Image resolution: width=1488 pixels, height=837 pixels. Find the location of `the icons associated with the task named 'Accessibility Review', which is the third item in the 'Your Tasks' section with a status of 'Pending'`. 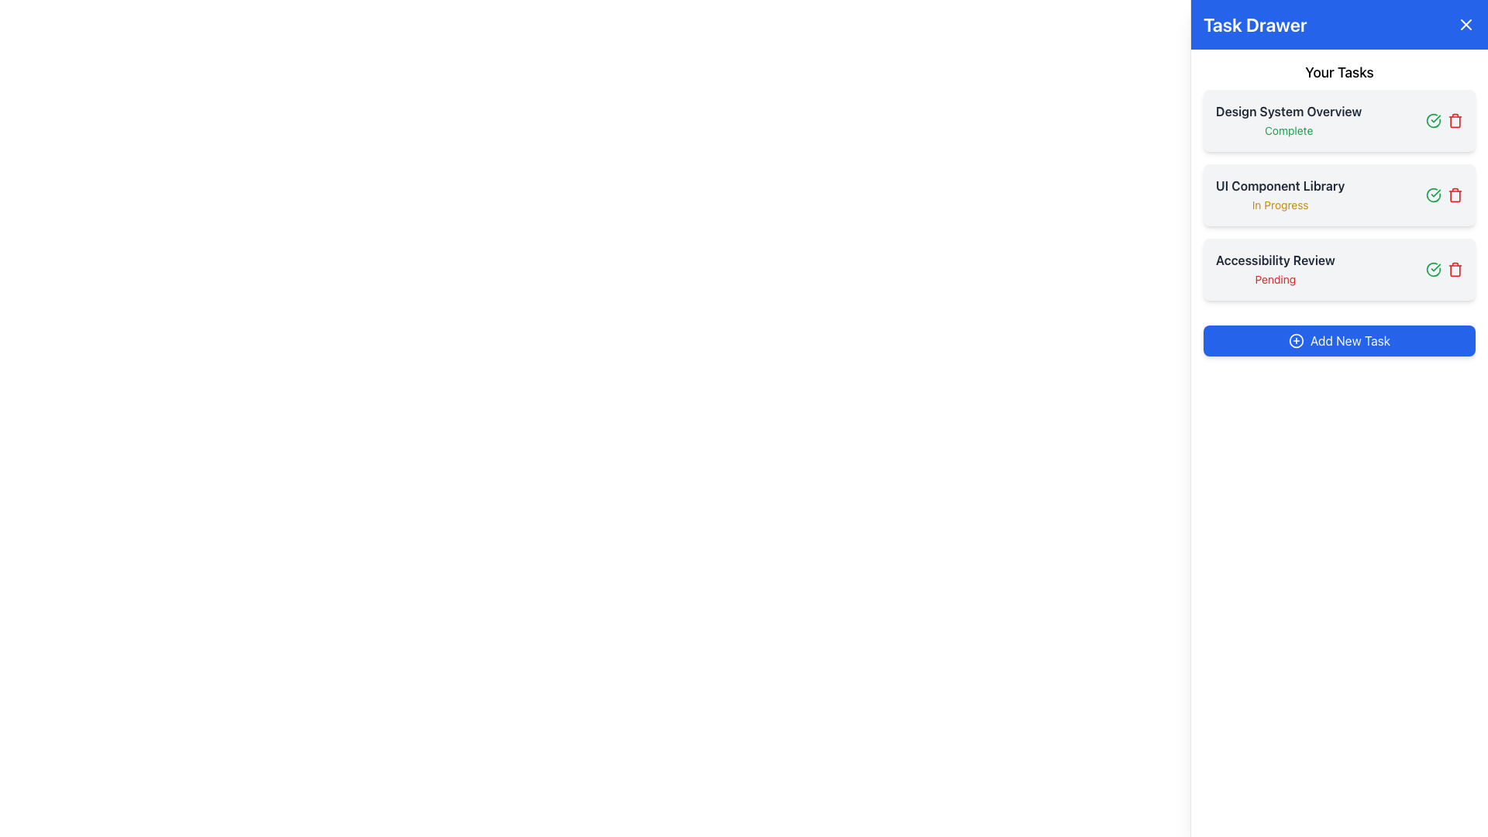

the icons associated with the task named 'Accessibility Review', which is the third item in the 'Your Tasks' section with a status of 'Pending' is located at coordinates (1338, 268).